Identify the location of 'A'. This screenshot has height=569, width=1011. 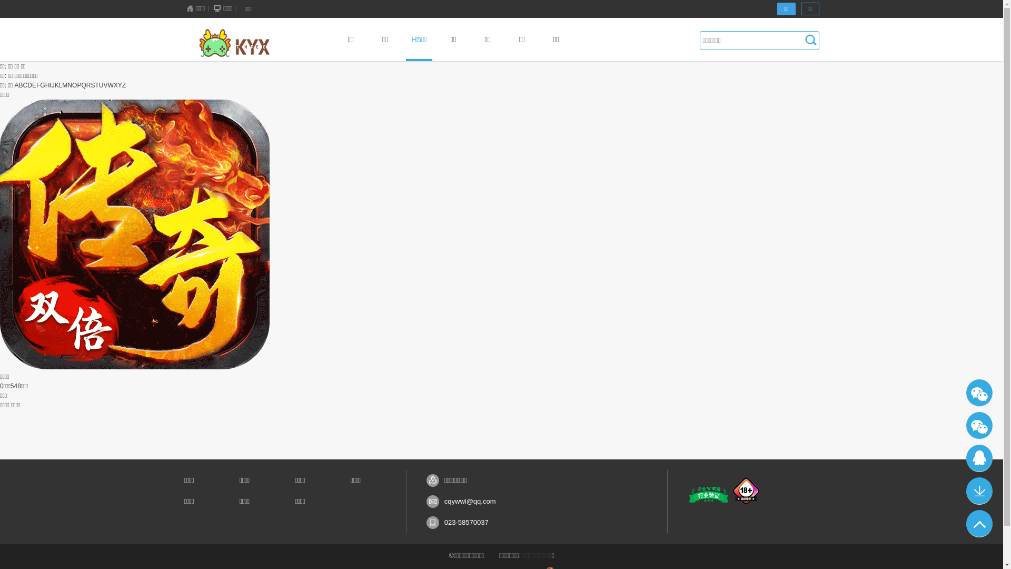
(17, 85).